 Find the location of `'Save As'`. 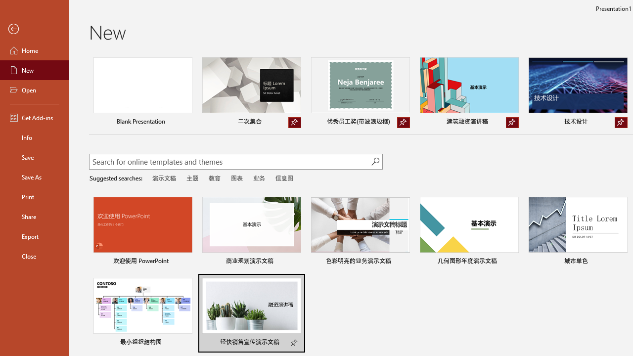

'Save As' is located at coordinates (34, 176).